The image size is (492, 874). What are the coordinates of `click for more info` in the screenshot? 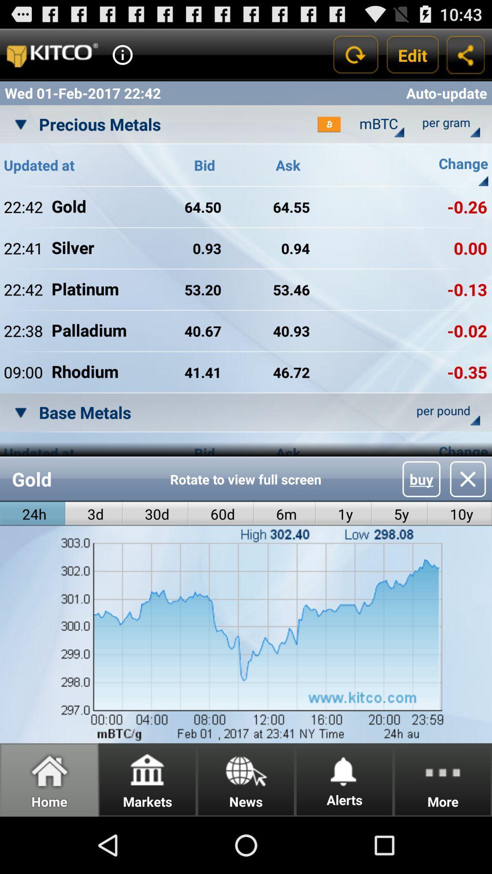 It's located at (122, 54).